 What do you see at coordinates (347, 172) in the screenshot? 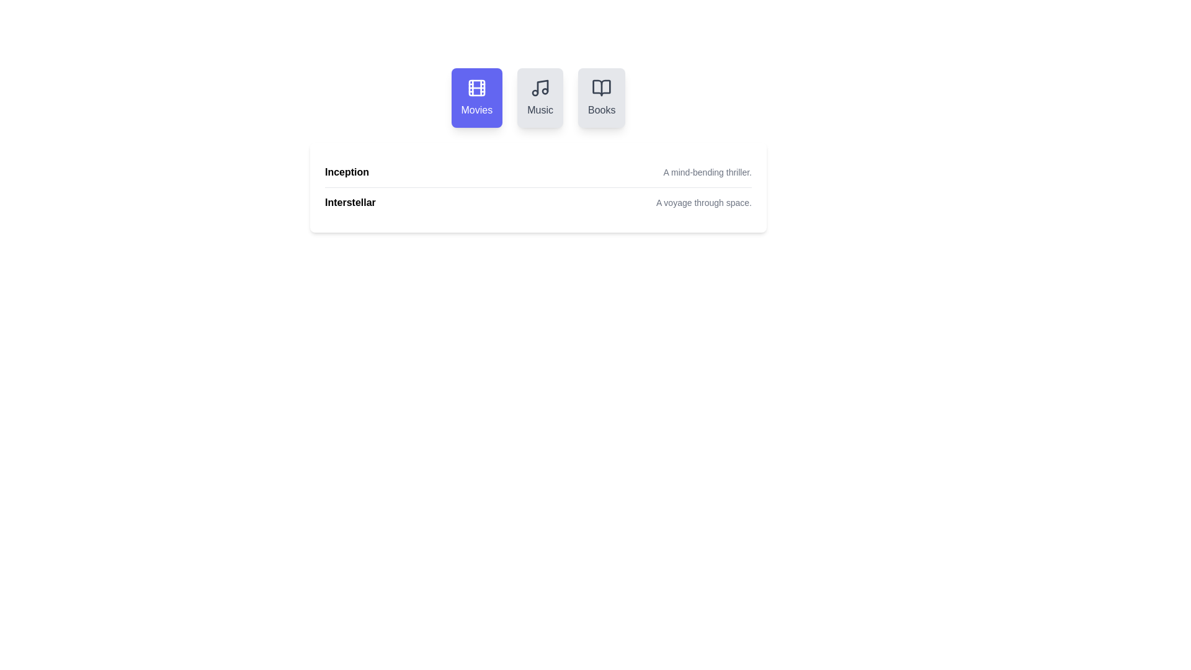
I see `the title Inception in the active tab` at bounding box center [347, 172].